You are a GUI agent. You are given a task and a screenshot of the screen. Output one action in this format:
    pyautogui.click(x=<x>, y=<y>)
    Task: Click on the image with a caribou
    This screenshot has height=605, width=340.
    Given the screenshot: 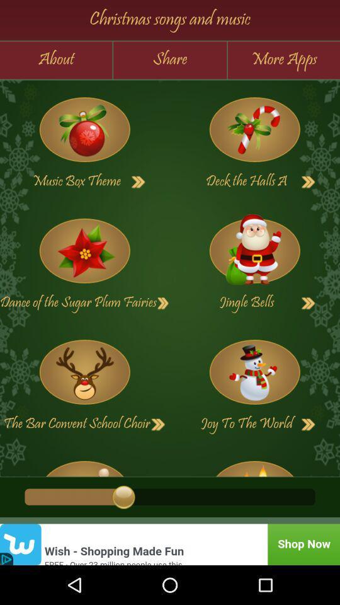 What is the action you would take?
    pyautogui.click(x=84, y=372)
    